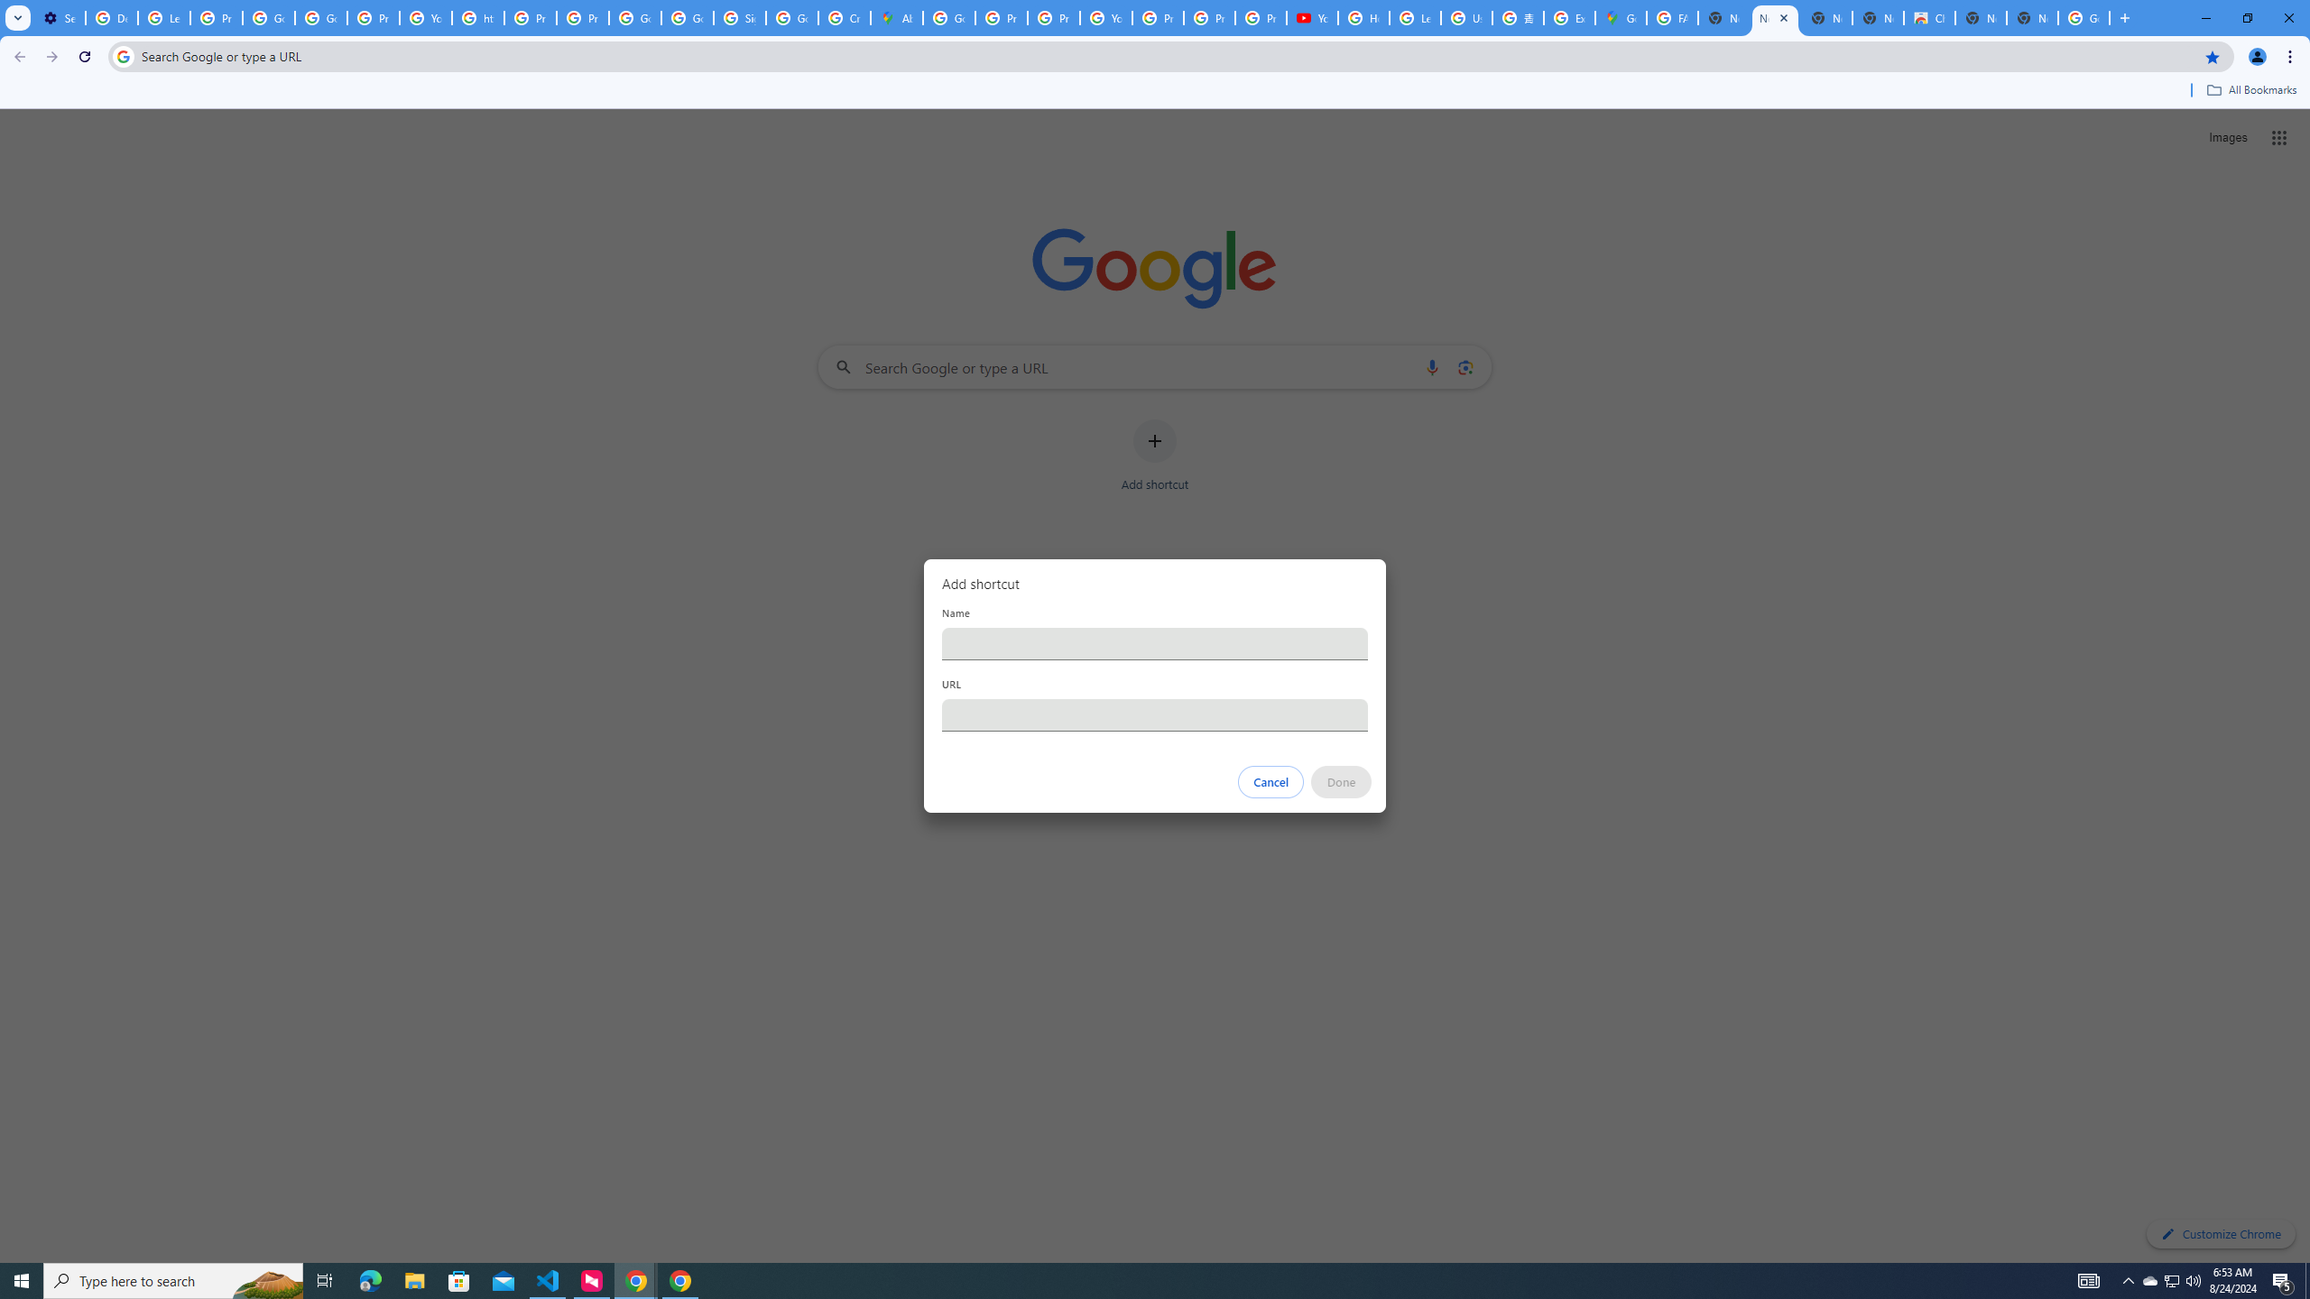 This screenshot has height=1299, width=2310. What do you see at coordinates (1000, 17) in the screenshot?
I see `'Privacy Help Center - Policies Help'` at bounding box center [1000, 17].